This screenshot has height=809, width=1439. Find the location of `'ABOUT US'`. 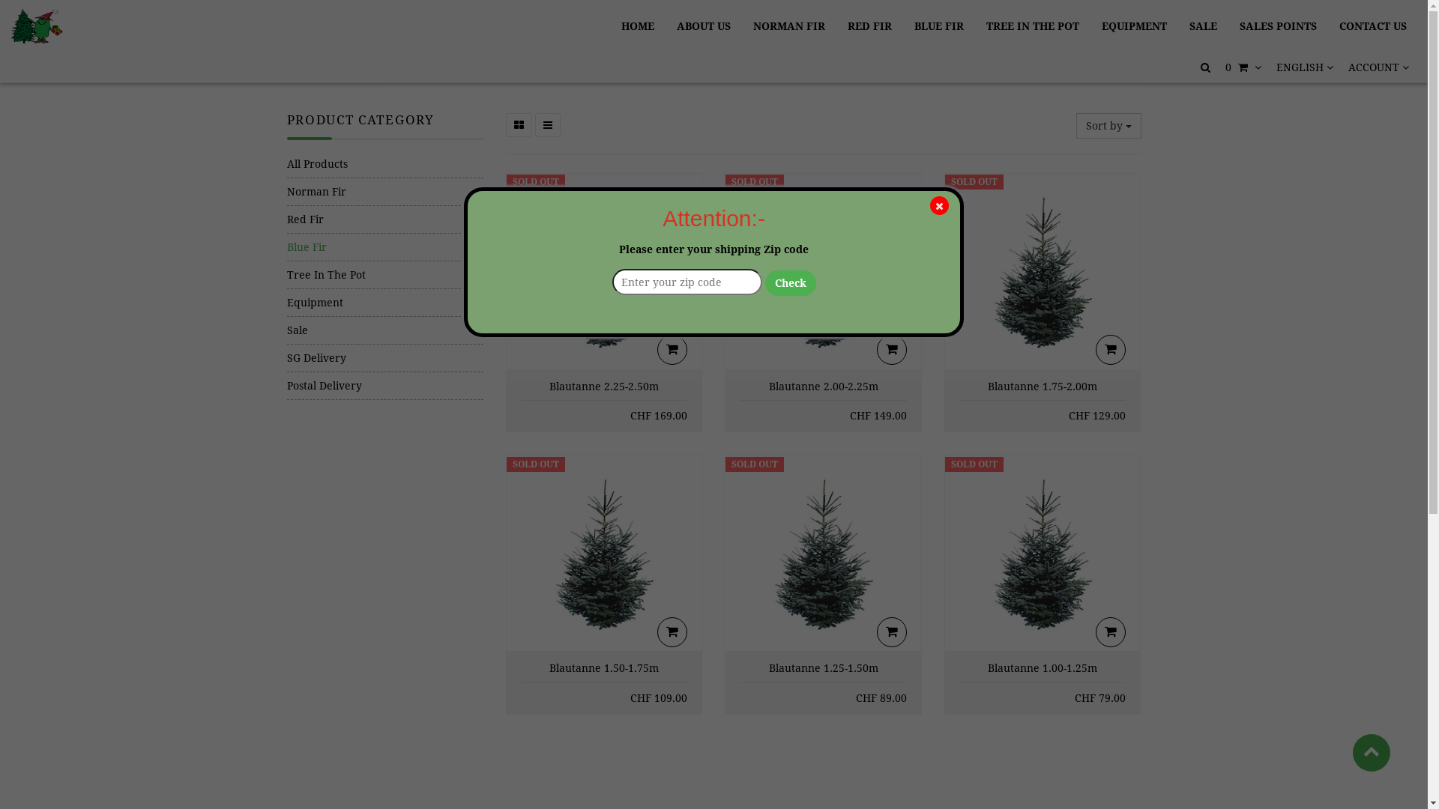

'ABOUT US' is located at coordinates (703, 25).